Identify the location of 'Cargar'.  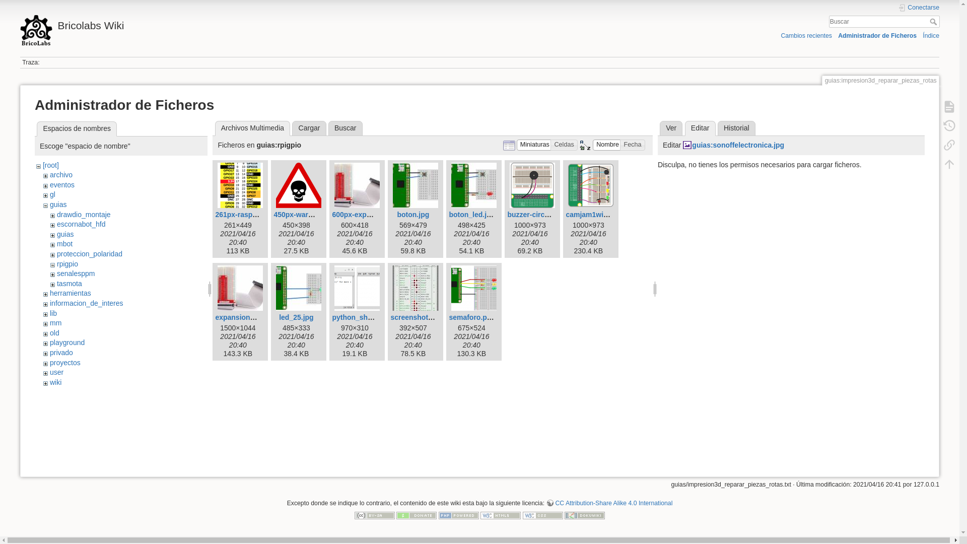
(308, 127).